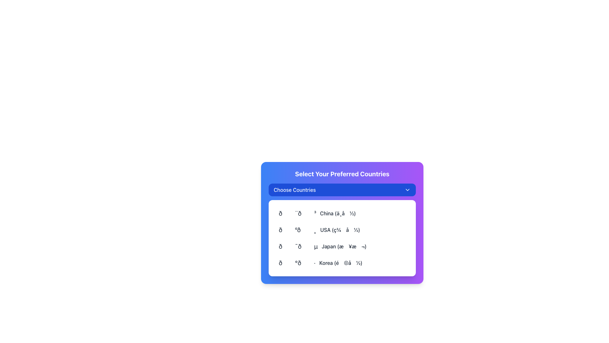  I want to click on the text label displaying 'Korea (é®®å½)' located in the fourth row of the dropdown menu, which is part of the selection for preferred countries, so click(340, 263).